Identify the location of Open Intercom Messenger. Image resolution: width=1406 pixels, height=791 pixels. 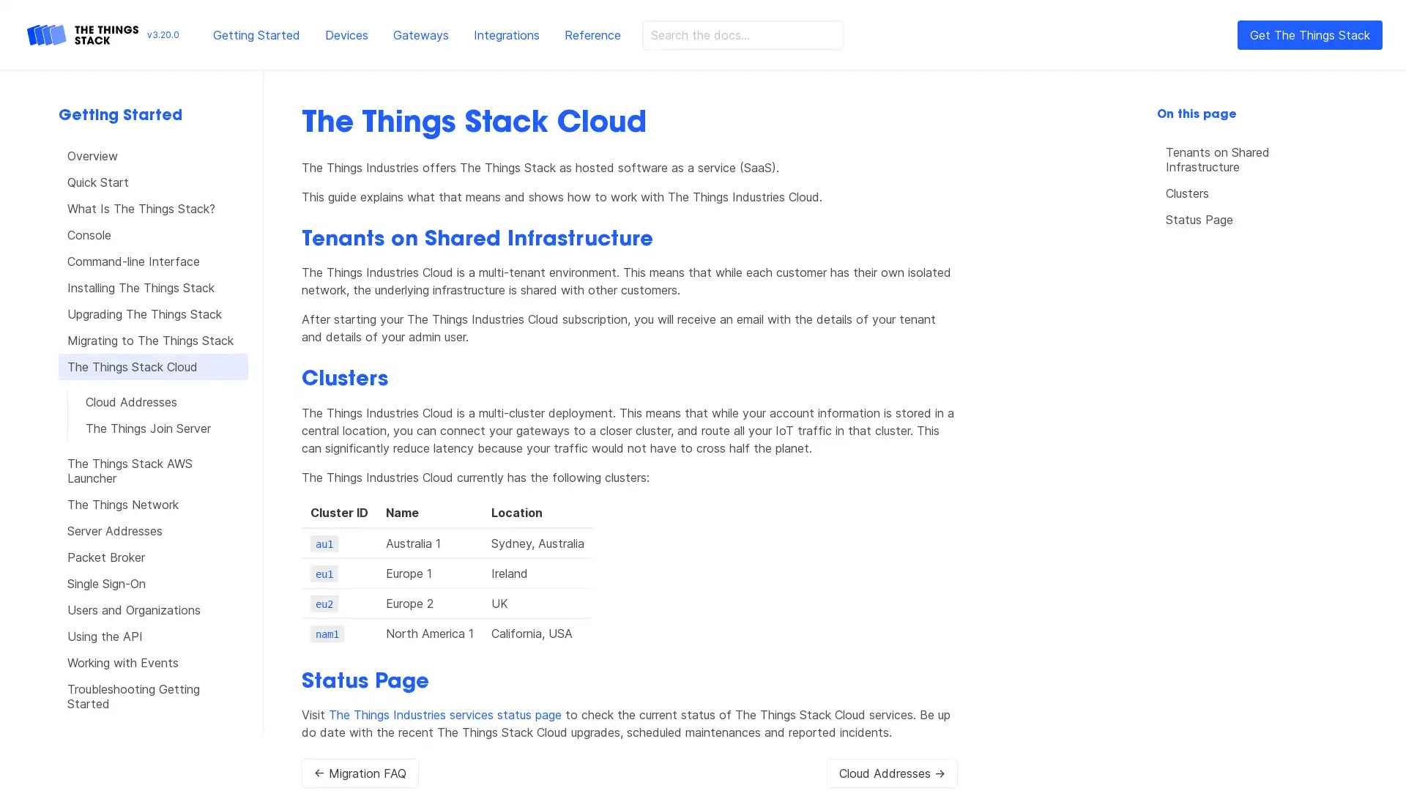
(1369, 754).